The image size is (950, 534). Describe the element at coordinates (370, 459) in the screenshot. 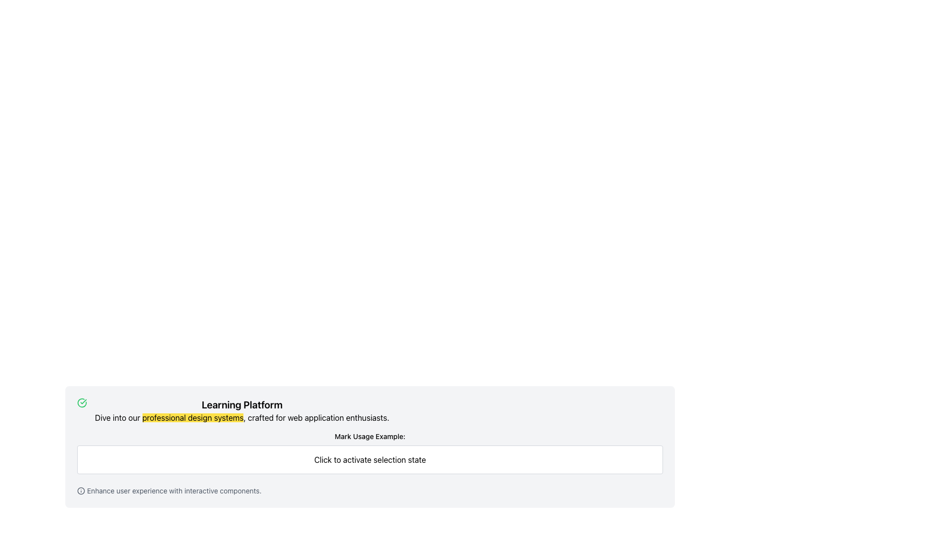

I see `the rectangular text box with rounded corners that has a white background and a gray border, containing the text 'Click to activate selection state'` at that location.